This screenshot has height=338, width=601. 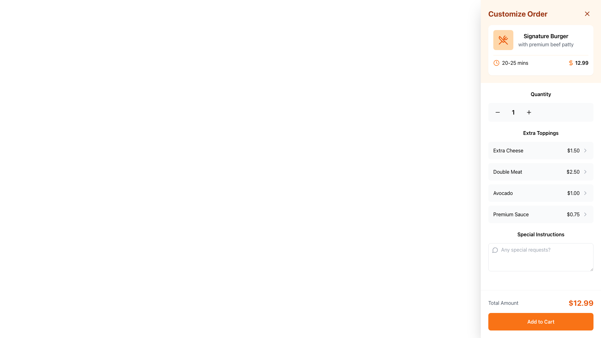 What do you see at coordinates (585, 172) in the screenshot?
I see `the chevron icon located at the far right of the 'Double Meat' row in the 'Extra Toppings' section` at bounding box center [585, 172].